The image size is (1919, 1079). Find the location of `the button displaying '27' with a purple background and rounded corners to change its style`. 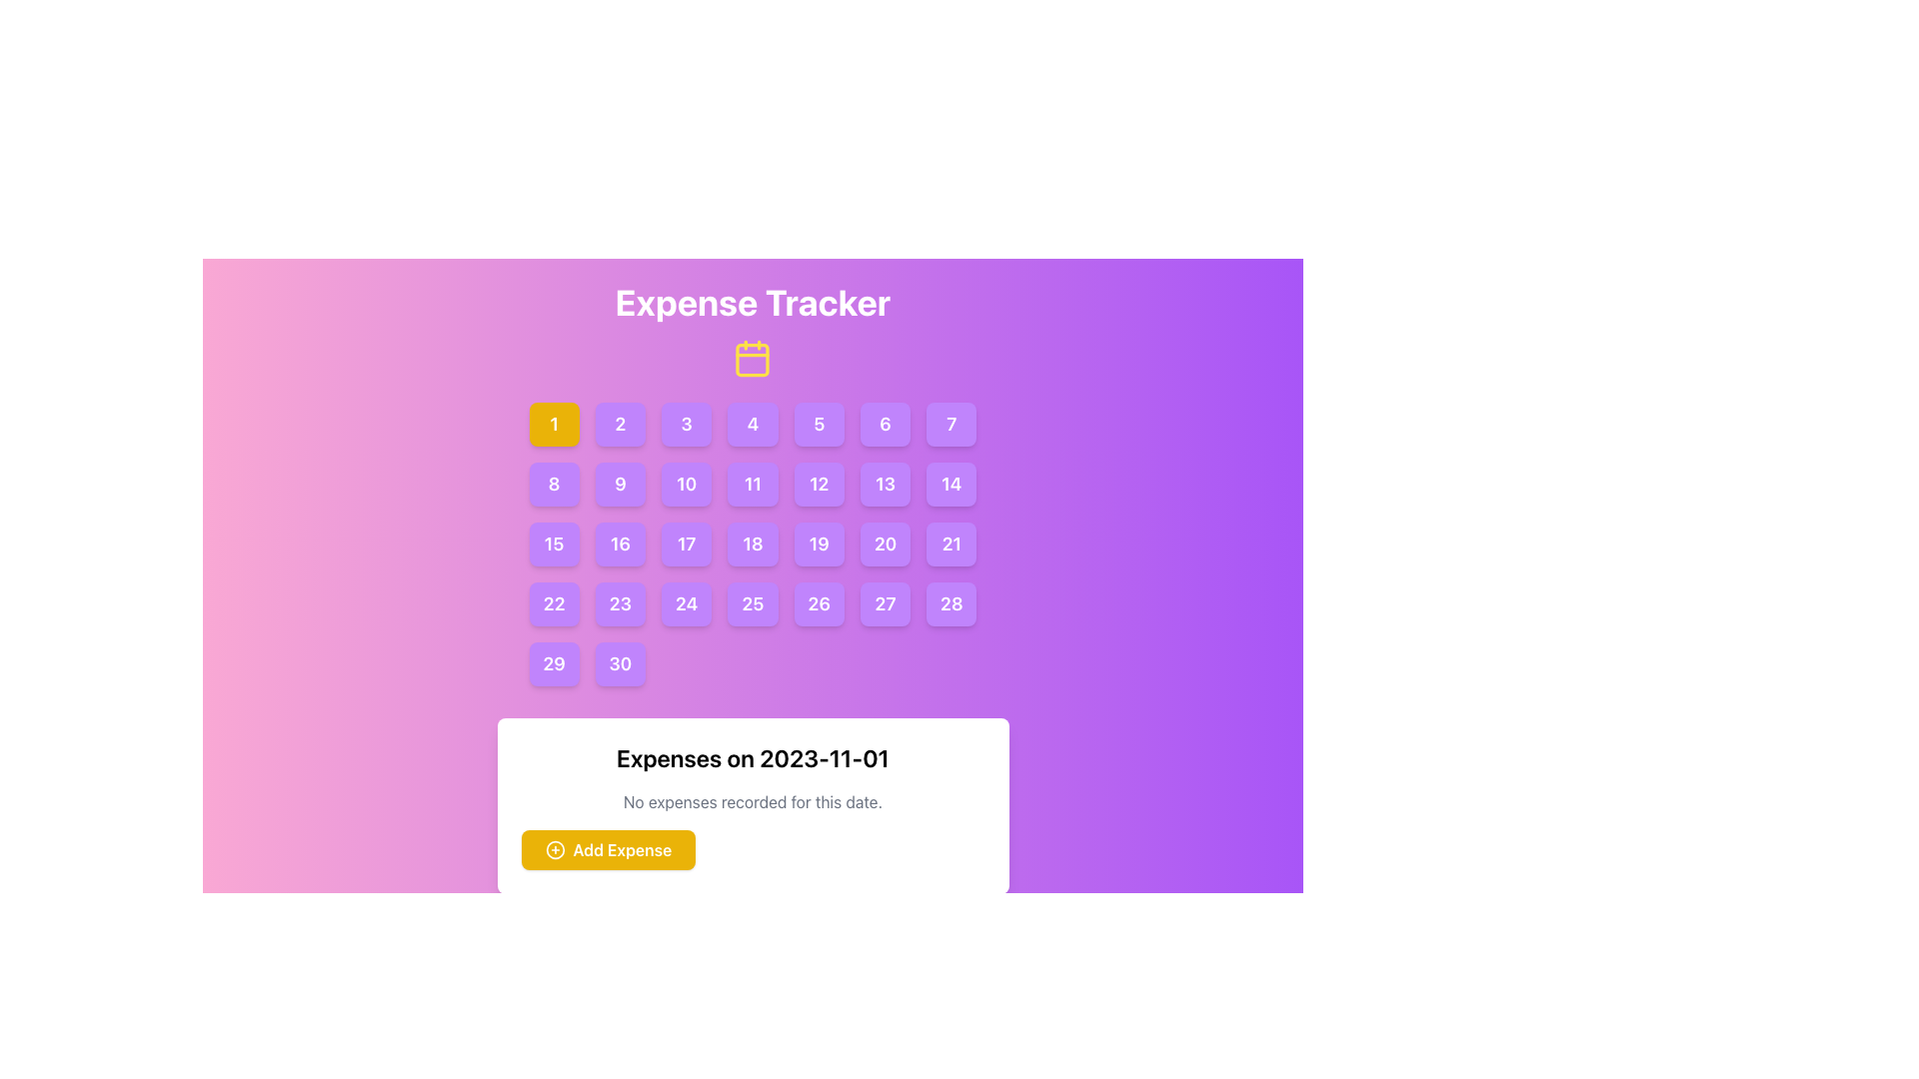

the button displaying '27' with a purple background and rounded corners to change its style is located at coordinates (885, 603).